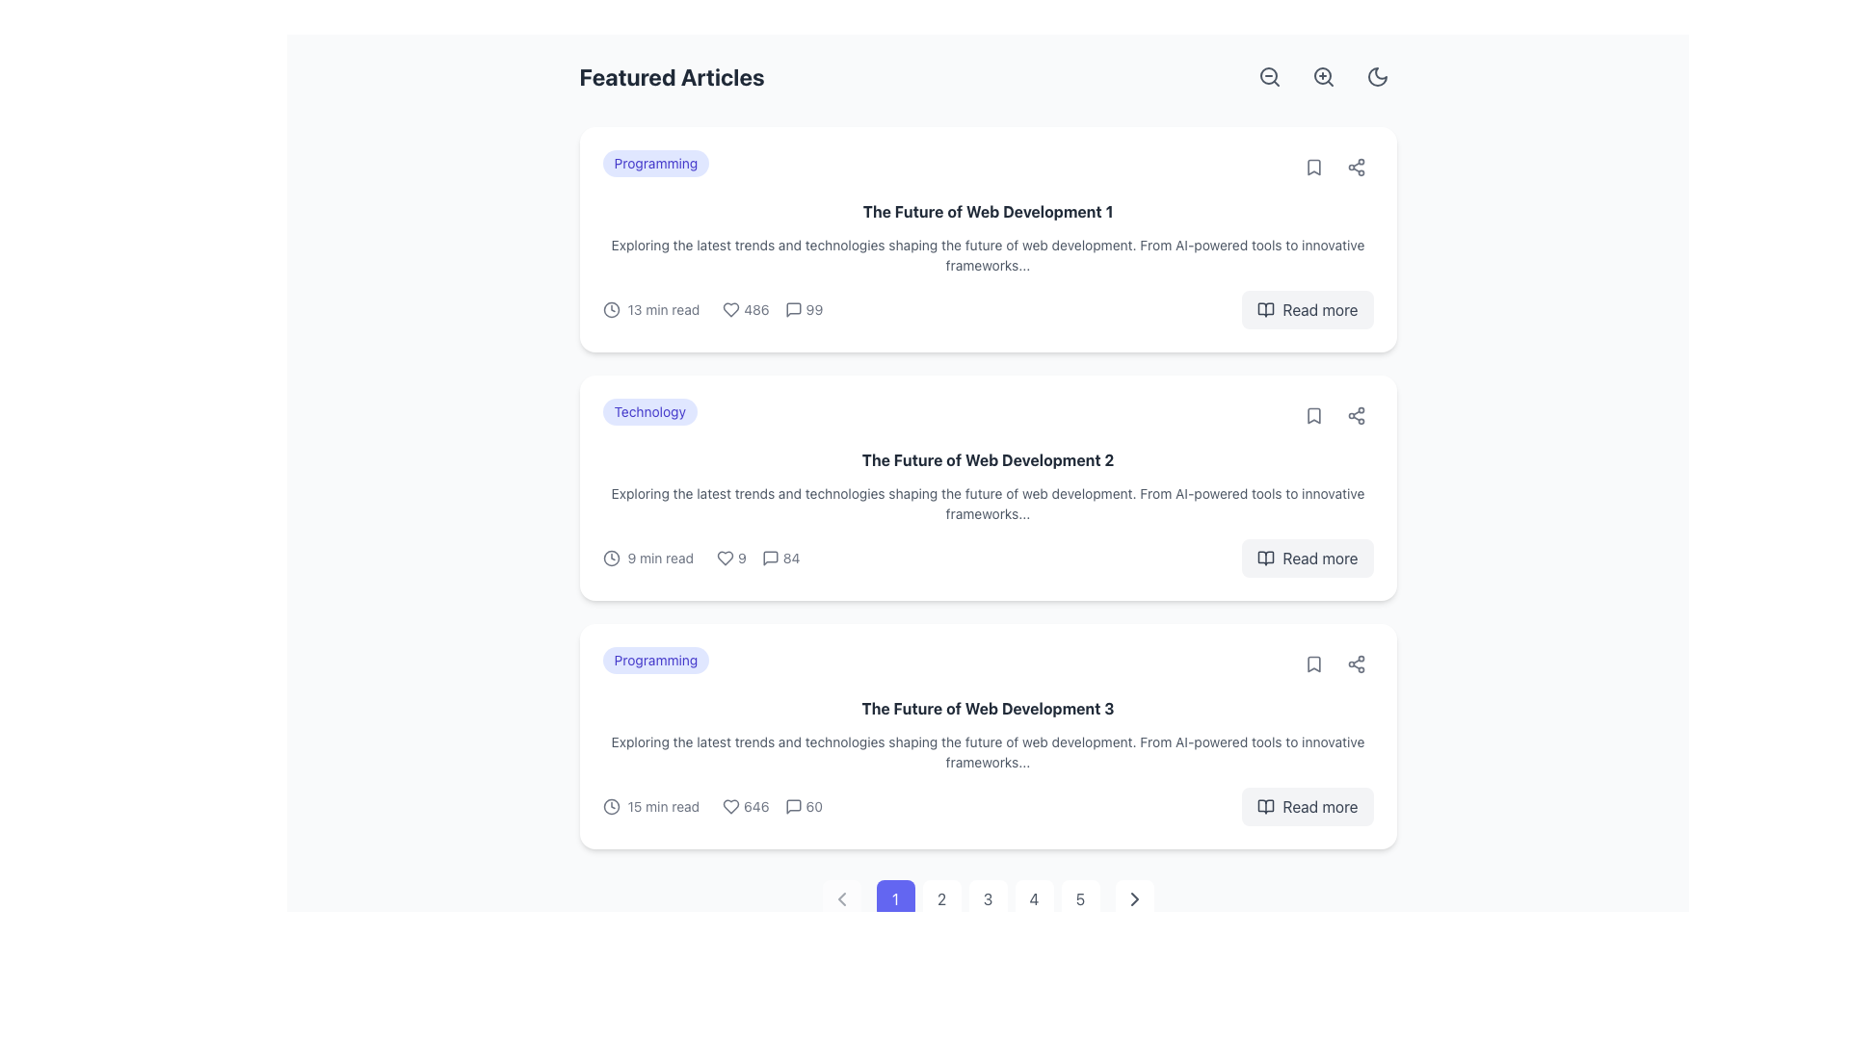 This screenshot has width=1850, height=1040. I want to click on the non-interactive text element displaying the 'like' or 'heart' count for the article on the top card in the list of articles, so click(745, 308).